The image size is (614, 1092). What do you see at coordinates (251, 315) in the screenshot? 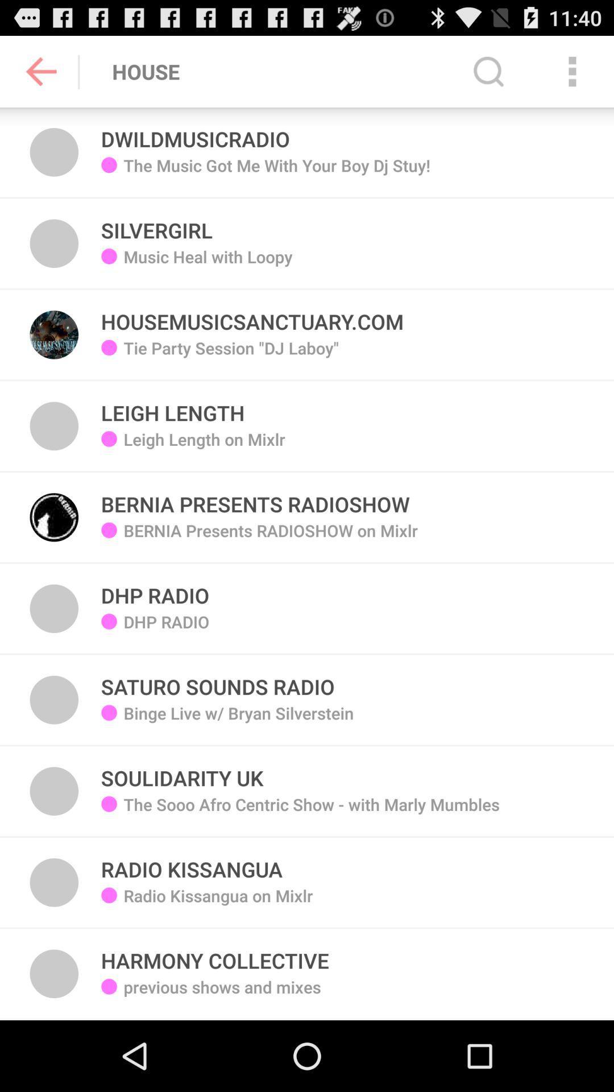
I see `icon below music heal with` at bounding box center [251, 315].